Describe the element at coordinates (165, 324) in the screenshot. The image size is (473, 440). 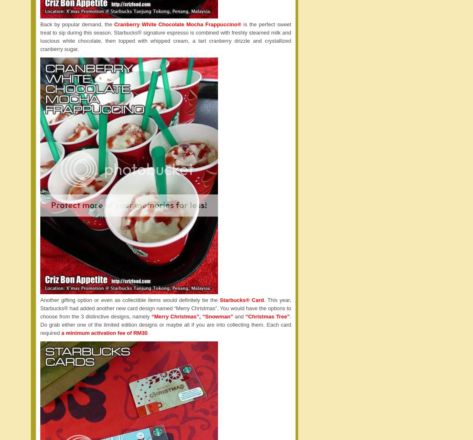
I see `'. Do grab either one of the limited edition designs or maybe all if you are into collecting them. Each card required'` at that location.